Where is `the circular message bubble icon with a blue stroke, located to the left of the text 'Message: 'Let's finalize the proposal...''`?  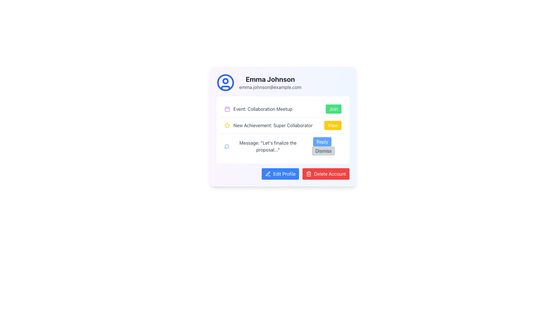
the circular message bubble icon with a blue stroke, located to the left of the text 'Message: 'Let's finalize the proposal...'' is located at coordinates (226, 146).